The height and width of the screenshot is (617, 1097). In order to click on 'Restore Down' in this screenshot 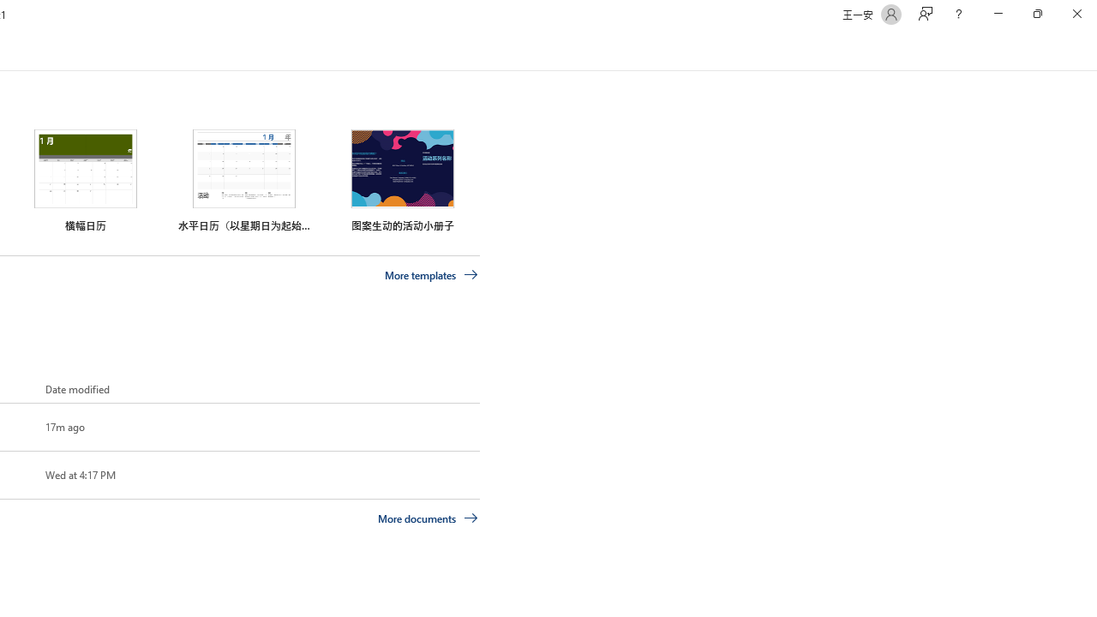, I will do `click(1036, 14)`.